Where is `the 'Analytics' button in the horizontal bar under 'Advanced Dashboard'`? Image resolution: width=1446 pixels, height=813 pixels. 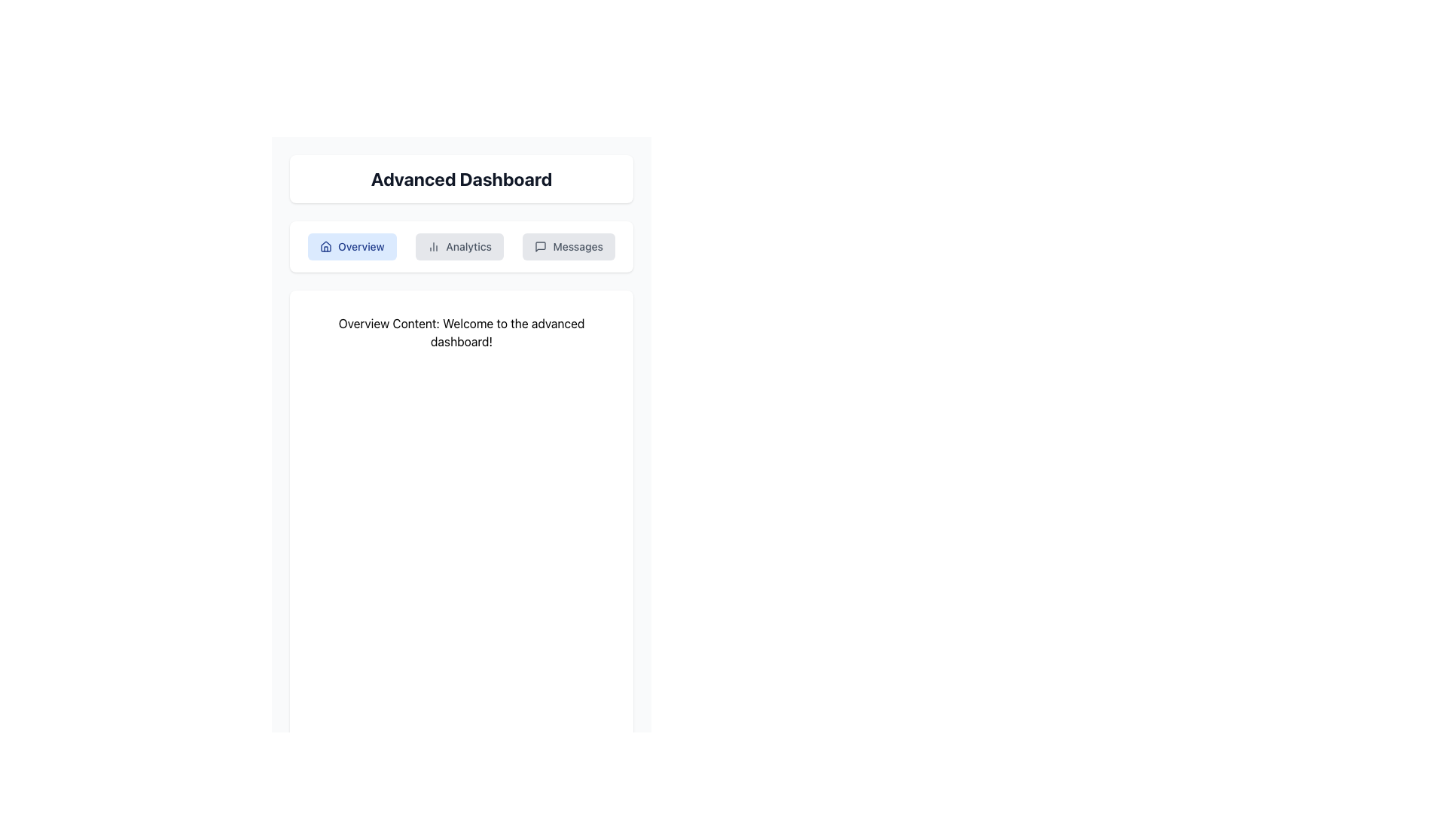
the 'Analytics' button in the horizontal bar under 'Advanced Dashboard' is located at coordinates (461, 245).